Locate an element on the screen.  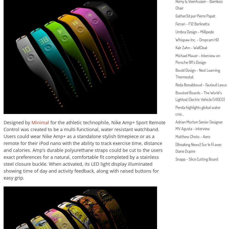
'Designed by' is located at coordinates (17, 122).